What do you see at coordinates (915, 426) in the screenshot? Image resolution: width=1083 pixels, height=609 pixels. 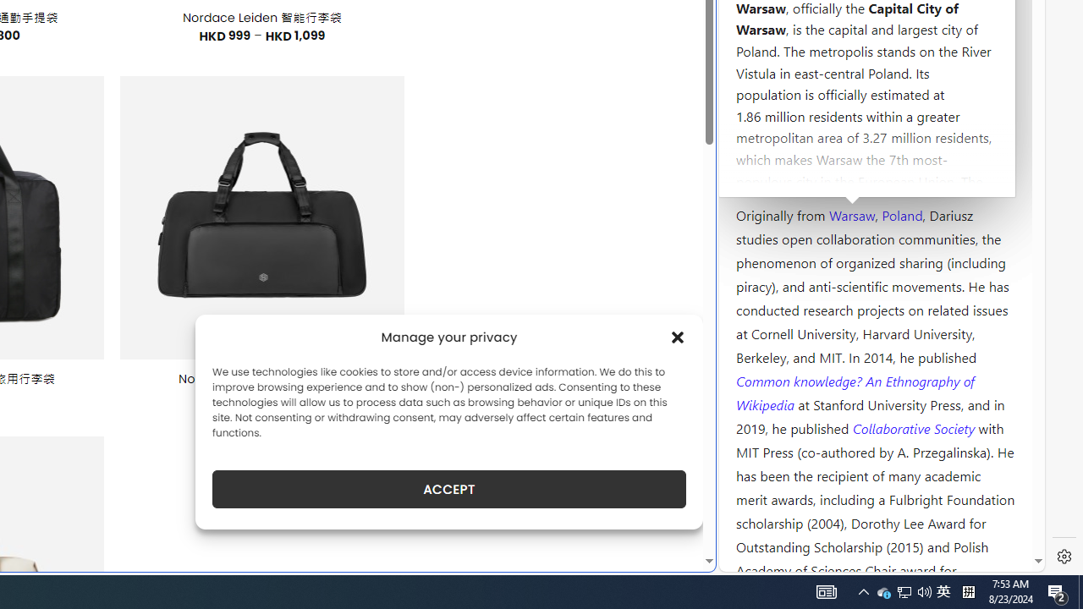 I see `'Collaborative Society '` at bounding box center [915, 426].